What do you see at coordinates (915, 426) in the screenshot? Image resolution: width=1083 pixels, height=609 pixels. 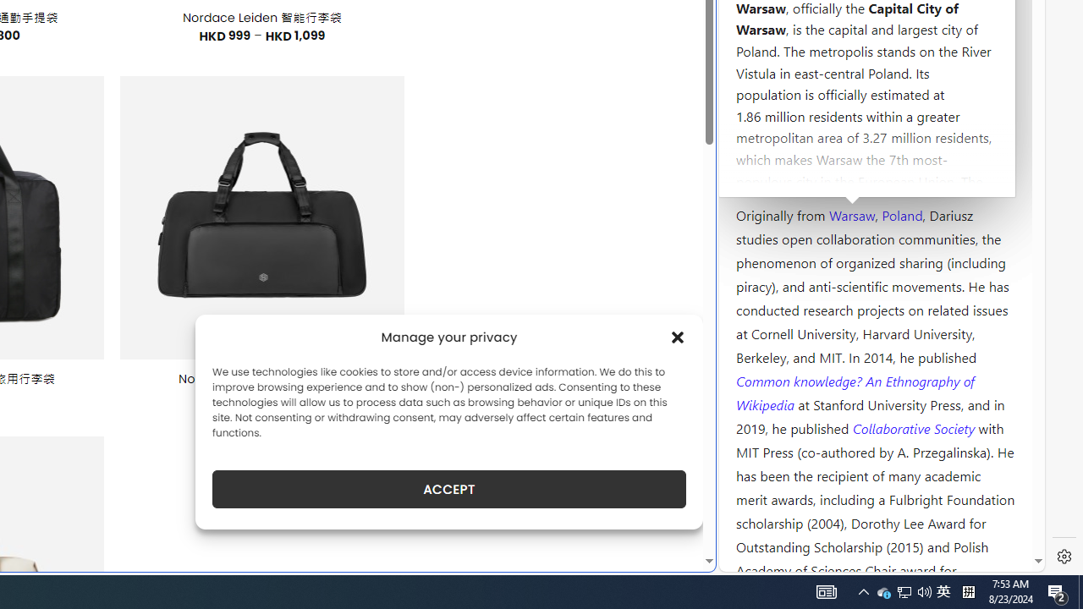 I see `'Collaborative Society '` at bounding box center [915, 426].